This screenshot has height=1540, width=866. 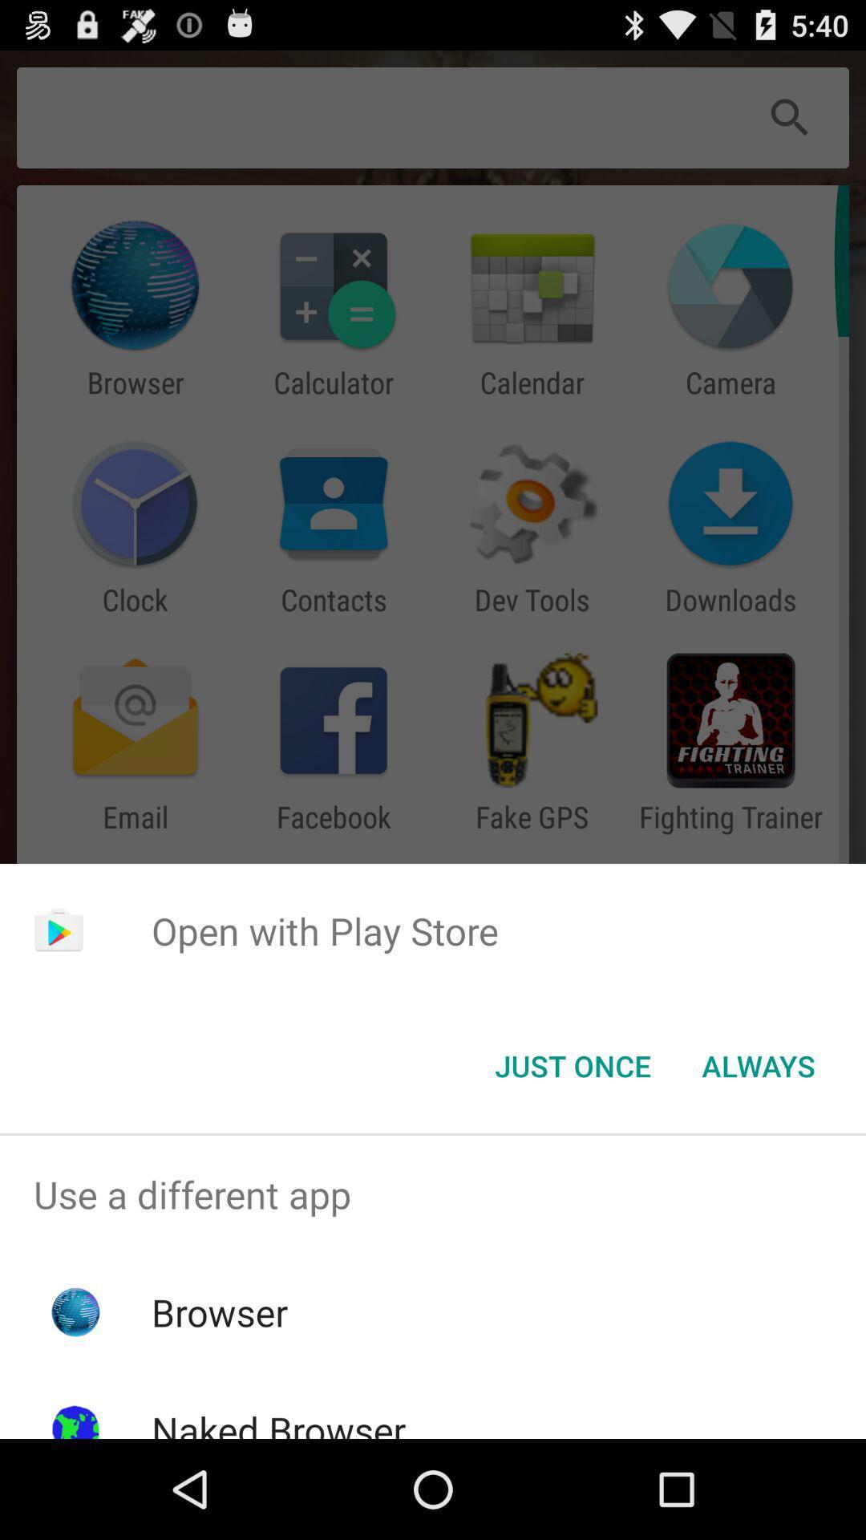 What do you see at coordinates (758, 1066) in the screenshot?
I see `the item next to the just once icon` at bounding box center [758, 1066].